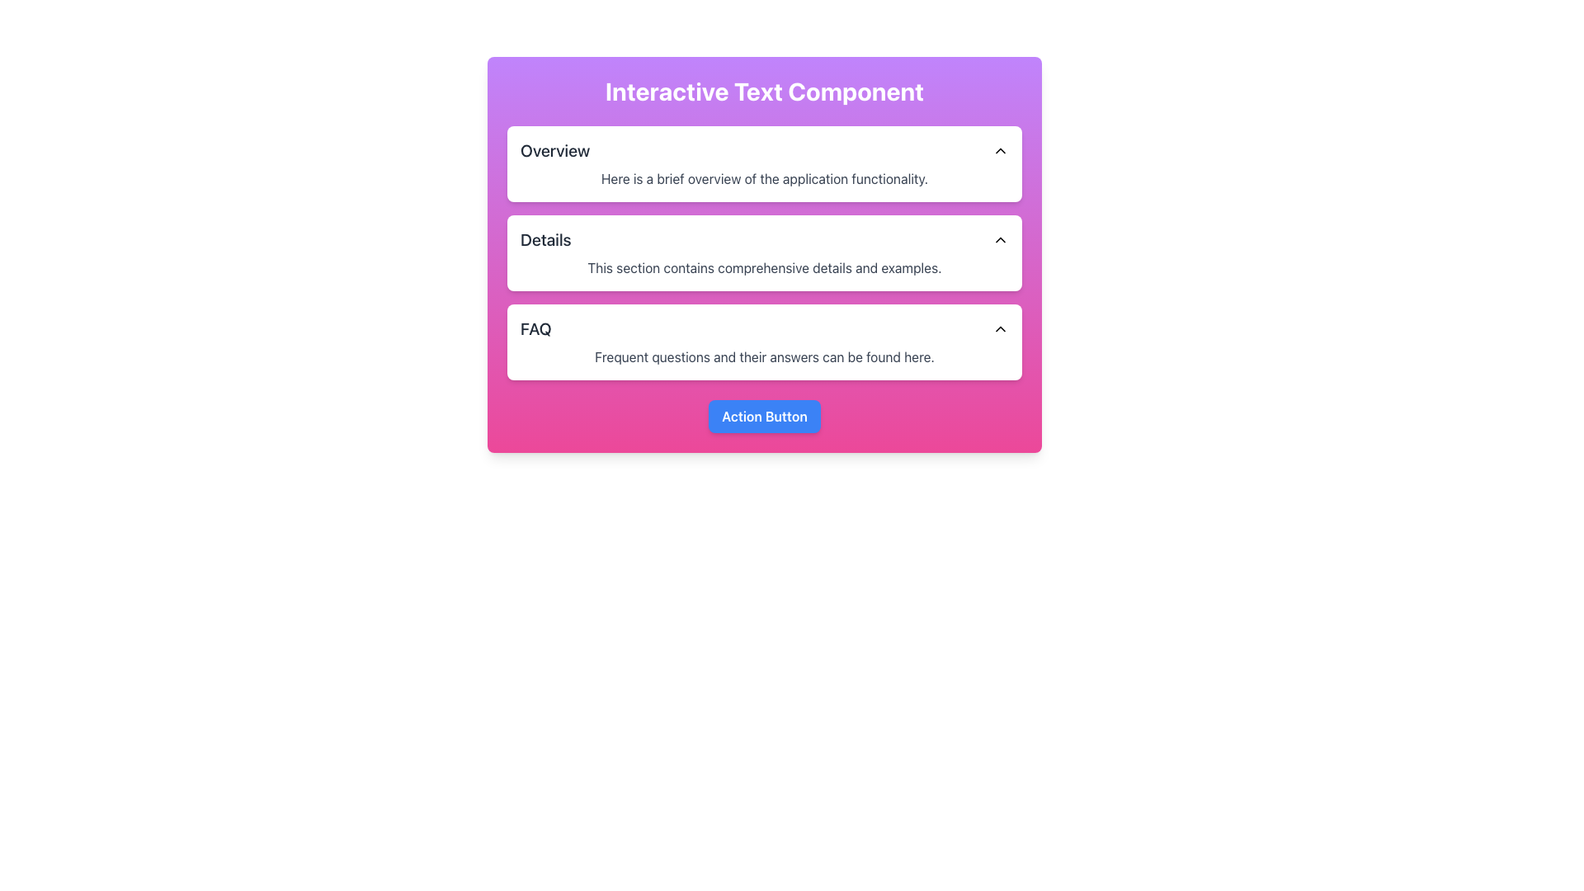 Image resolution: width=1584 pixels, height=891 pixels. What do you see at coordinates (763, 416) in the screenshot?
I see `the 'Action Button' for keyboard navigation` at bounding box center [763, 416].